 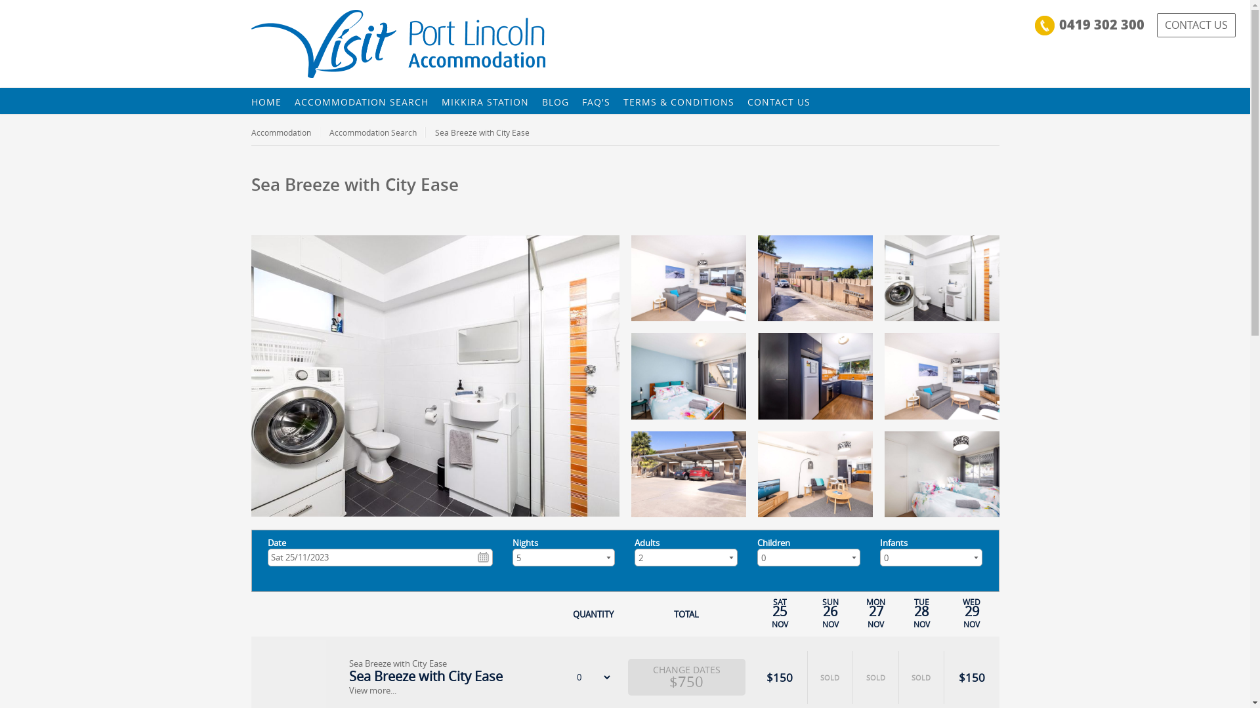 What do you see at coordinates (361, 101) in the screenshot?
I see `'ACCOMMODATION SEARCH'` at bounding box center [361, 101].